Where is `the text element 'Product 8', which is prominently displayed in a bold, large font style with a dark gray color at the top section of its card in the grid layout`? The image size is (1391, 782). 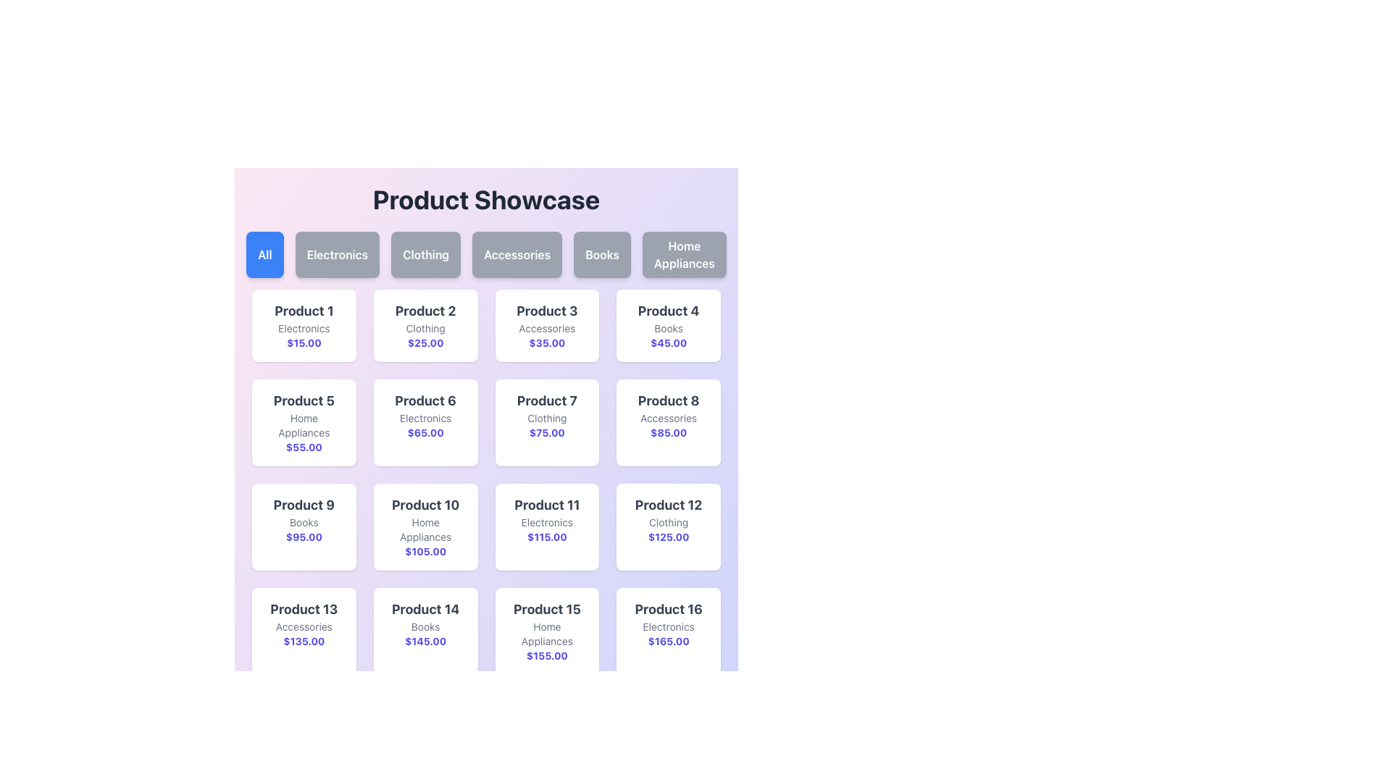
the text element 'Product 8', which is prominently displayed in a bold, large font style with a dark gray color at the top section of its card in the grid layout is located at coordinates (668, 401).